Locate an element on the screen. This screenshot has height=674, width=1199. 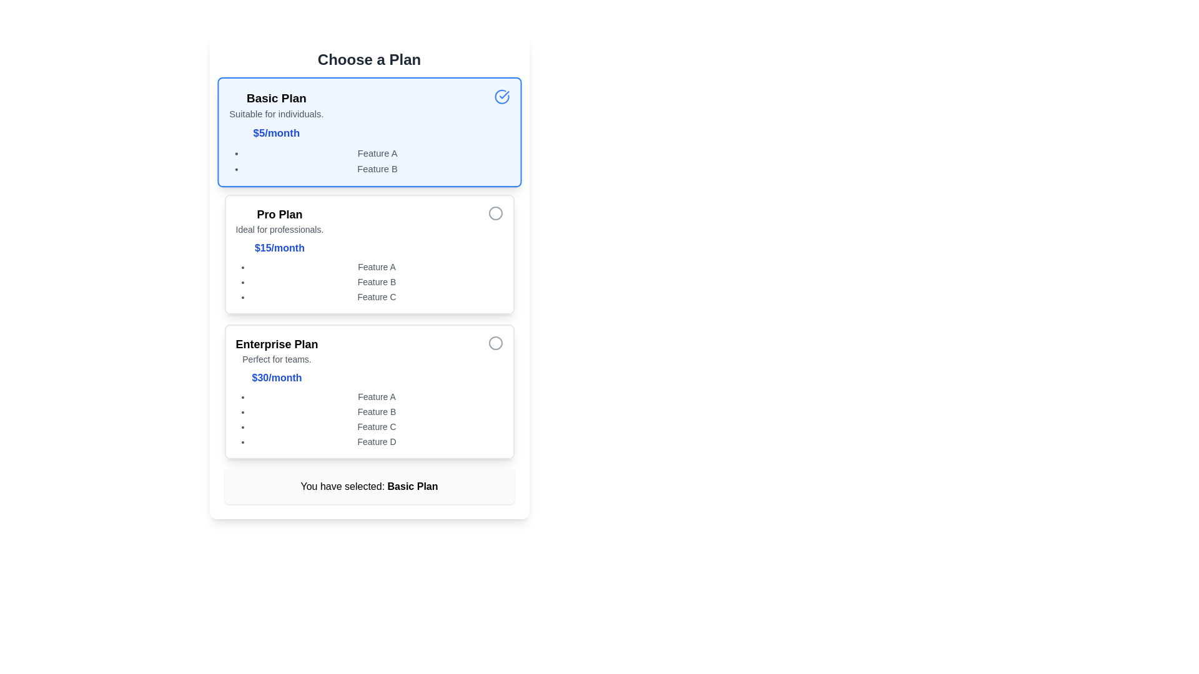
the text label displaying 'Feature A' in gray font, which is the first item in a bulleted list within the 'Basic Plan' section is located at coordinates (377, 152).